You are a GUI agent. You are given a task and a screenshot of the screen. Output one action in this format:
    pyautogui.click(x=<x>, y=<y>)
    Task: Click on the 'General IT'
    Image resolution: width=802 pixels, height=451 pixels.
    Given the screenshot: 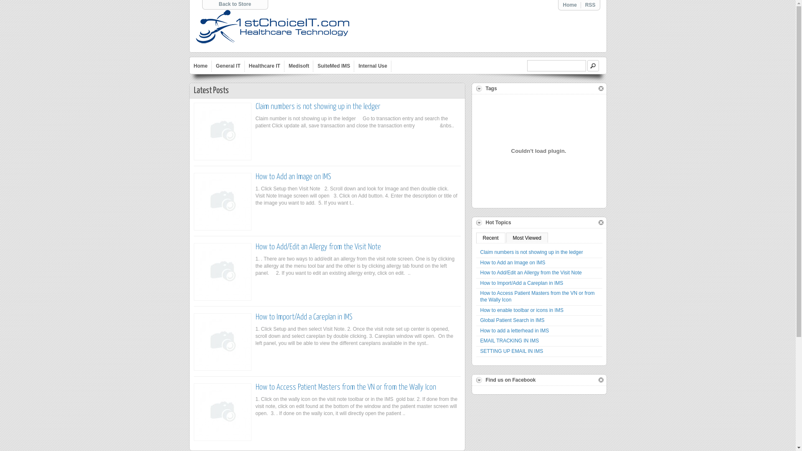 What is the action you would take?
    pyautogui.click(x=228, y=65)
    